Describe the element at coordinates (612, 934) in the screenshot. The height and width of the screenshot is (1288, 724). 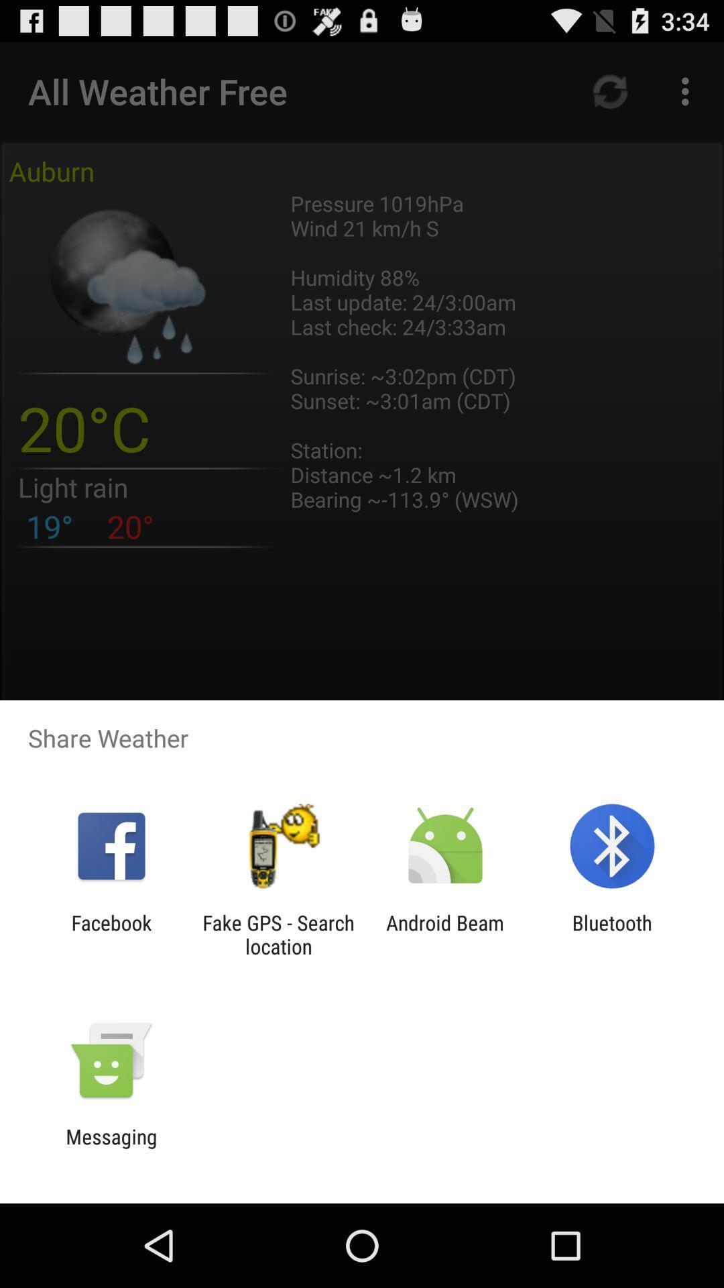
I see `the bluetooth` at that location.